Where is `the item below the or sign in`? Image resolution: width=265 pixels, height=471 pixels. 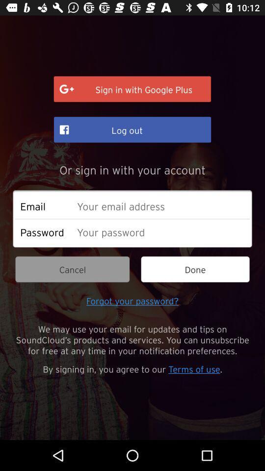 the item below the or sign in is located at coordinates (160, 206).